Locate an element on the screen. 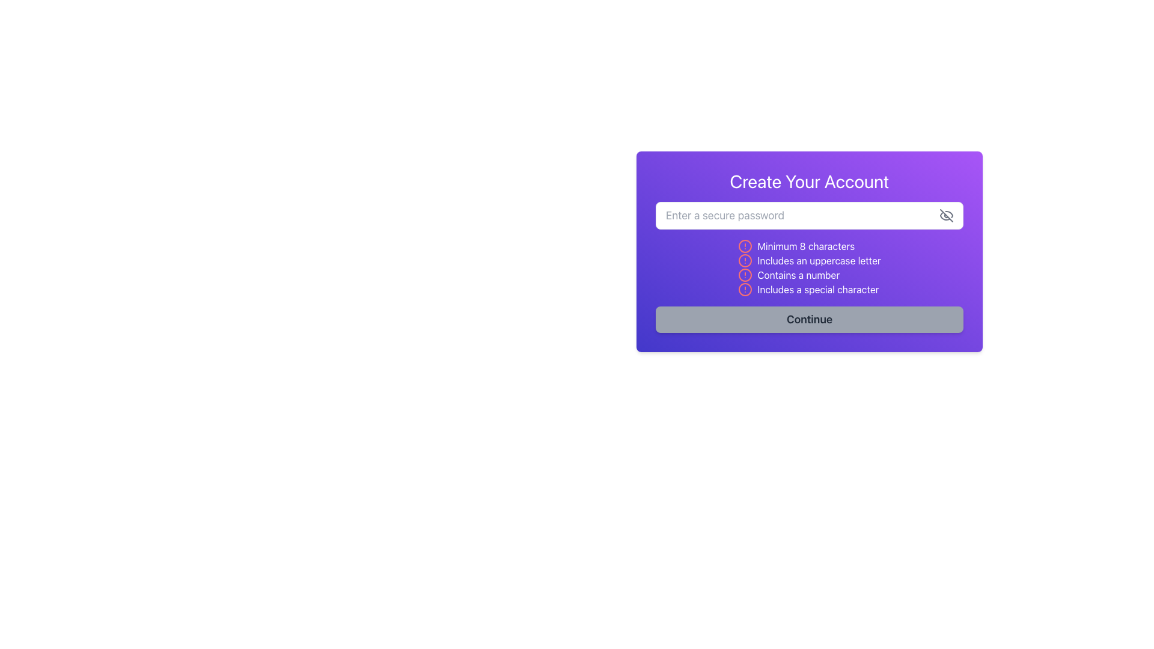 The width and height of the screenshot is (1154, 649). the decorative diagonal line that represents the password visibility toggle icon within the 'Create Your Account' form is located at coordinates (945, 215).